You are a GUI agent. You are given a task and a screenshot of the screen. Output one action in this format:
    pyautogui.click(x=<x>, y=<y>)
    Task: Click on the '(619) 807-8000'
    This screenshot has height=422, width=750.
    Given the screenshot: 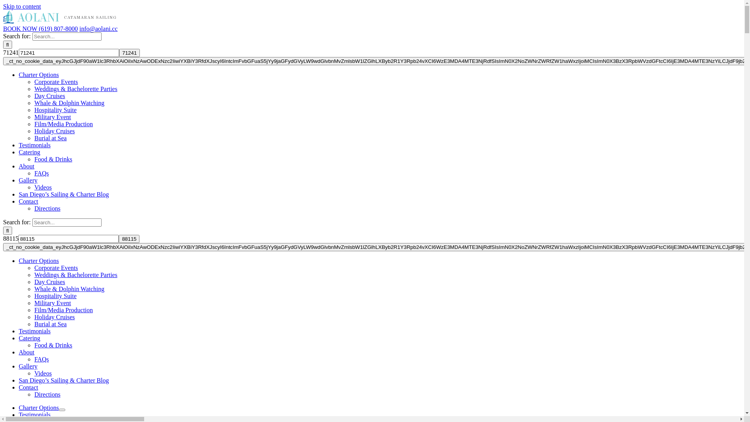 What is the action you would take?
    pyautogui.click(x=57, y=28)
    